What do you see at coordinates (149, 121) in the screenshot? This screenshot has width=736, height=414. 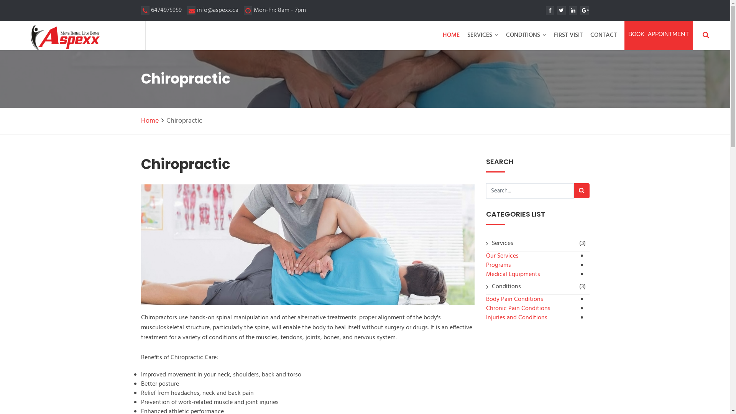 I see `'Home'` at bounding box center [149, 121].